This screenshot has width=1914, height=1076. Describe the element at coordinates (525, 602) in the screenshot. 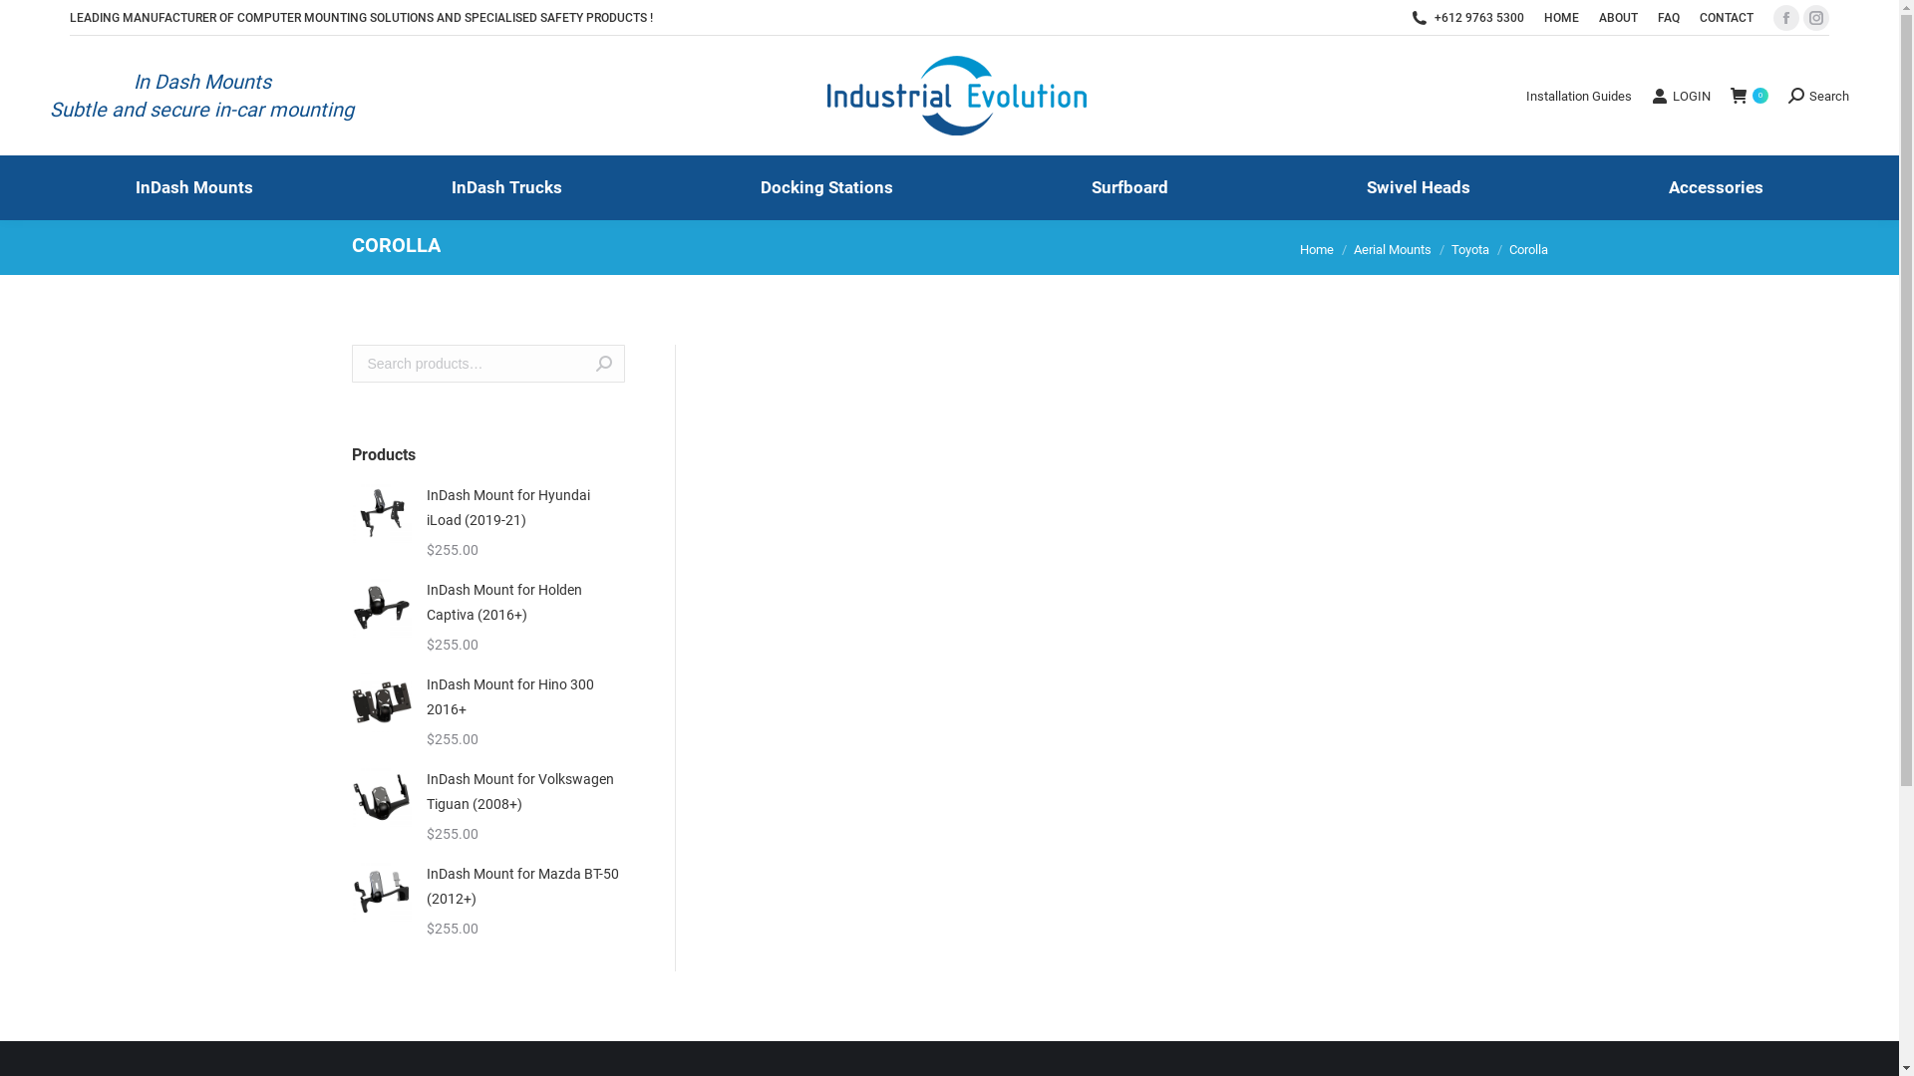

I see `'InDash Mount for Holden Captiva (2016+)'` at that location.